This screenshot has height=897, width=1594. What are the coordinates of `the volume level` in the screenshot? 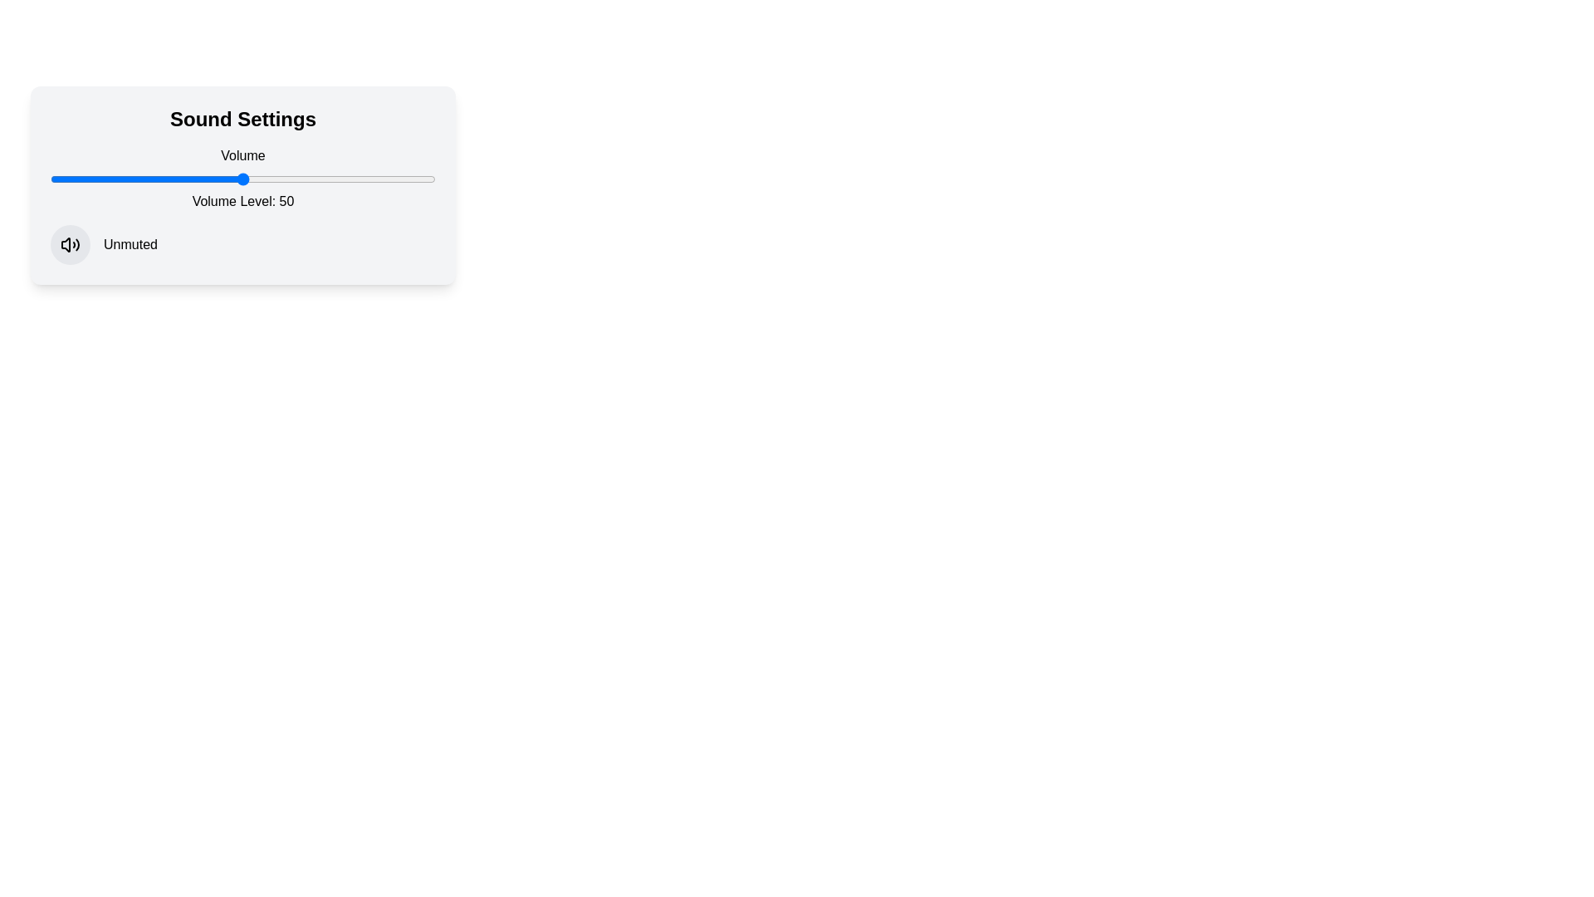 It's located at (396, 179).